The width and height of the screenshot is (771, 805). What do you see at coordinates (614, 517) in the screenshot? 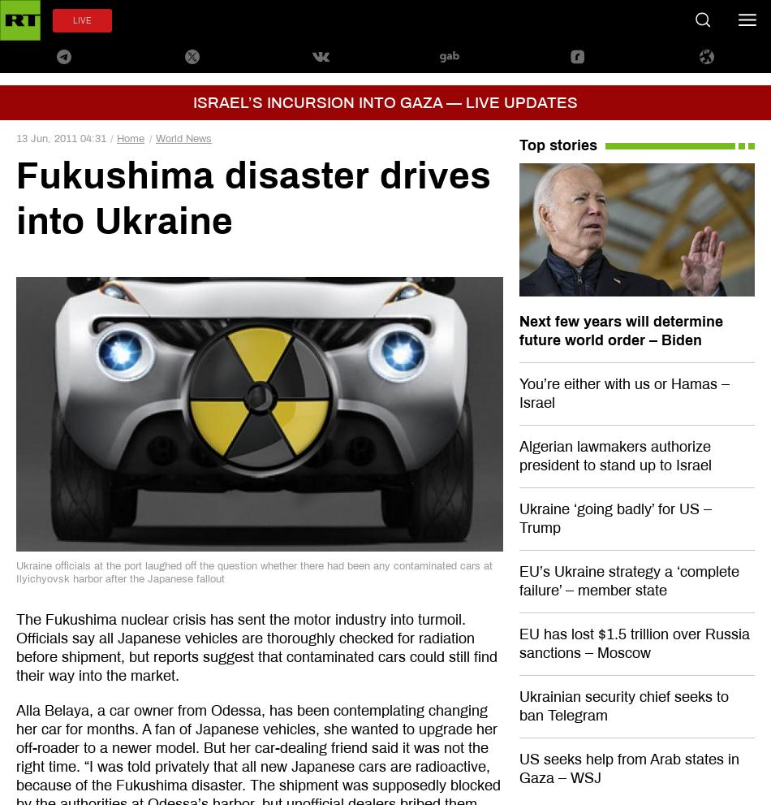
I see `'Ukraine ‘going badly’ for US – Trump'` at bounding box center [614, 517].